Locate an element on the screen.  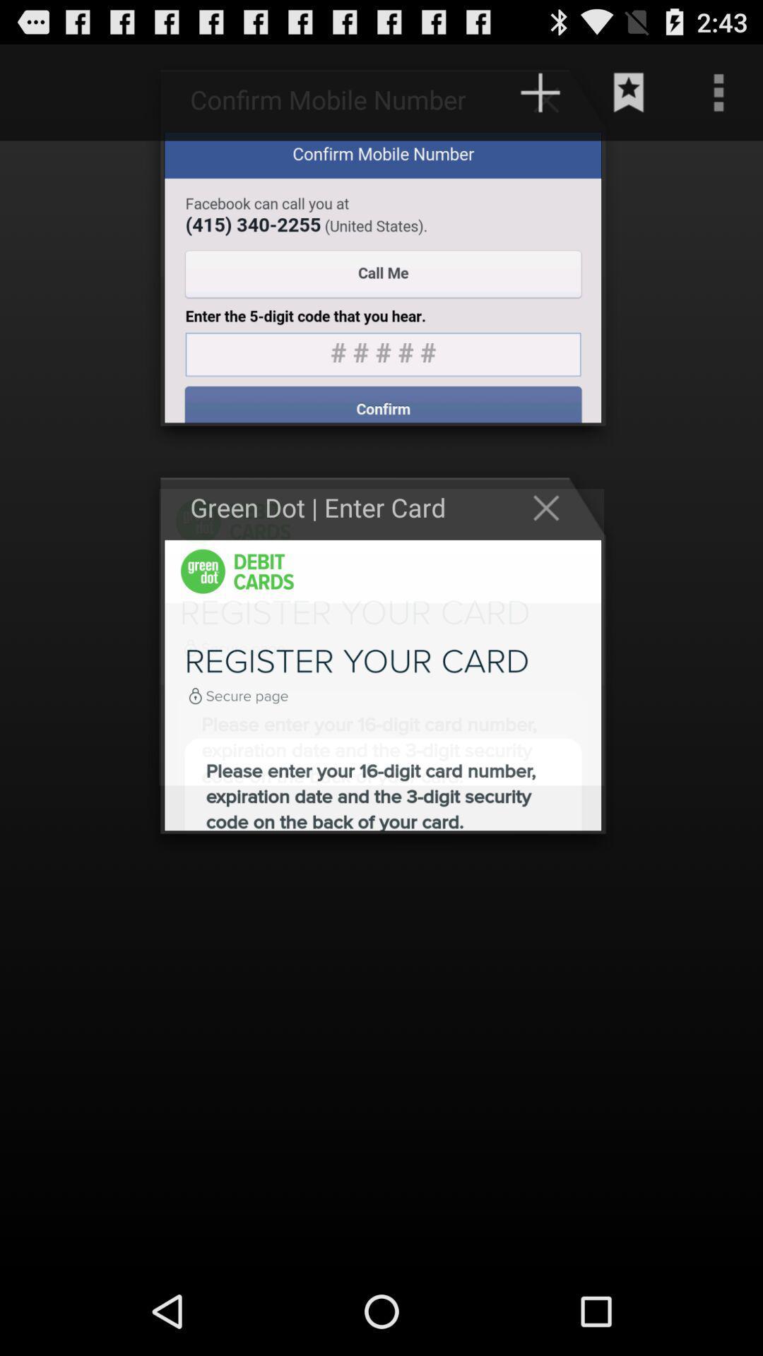
the bookmark icon is located at coordinates (629, 98).